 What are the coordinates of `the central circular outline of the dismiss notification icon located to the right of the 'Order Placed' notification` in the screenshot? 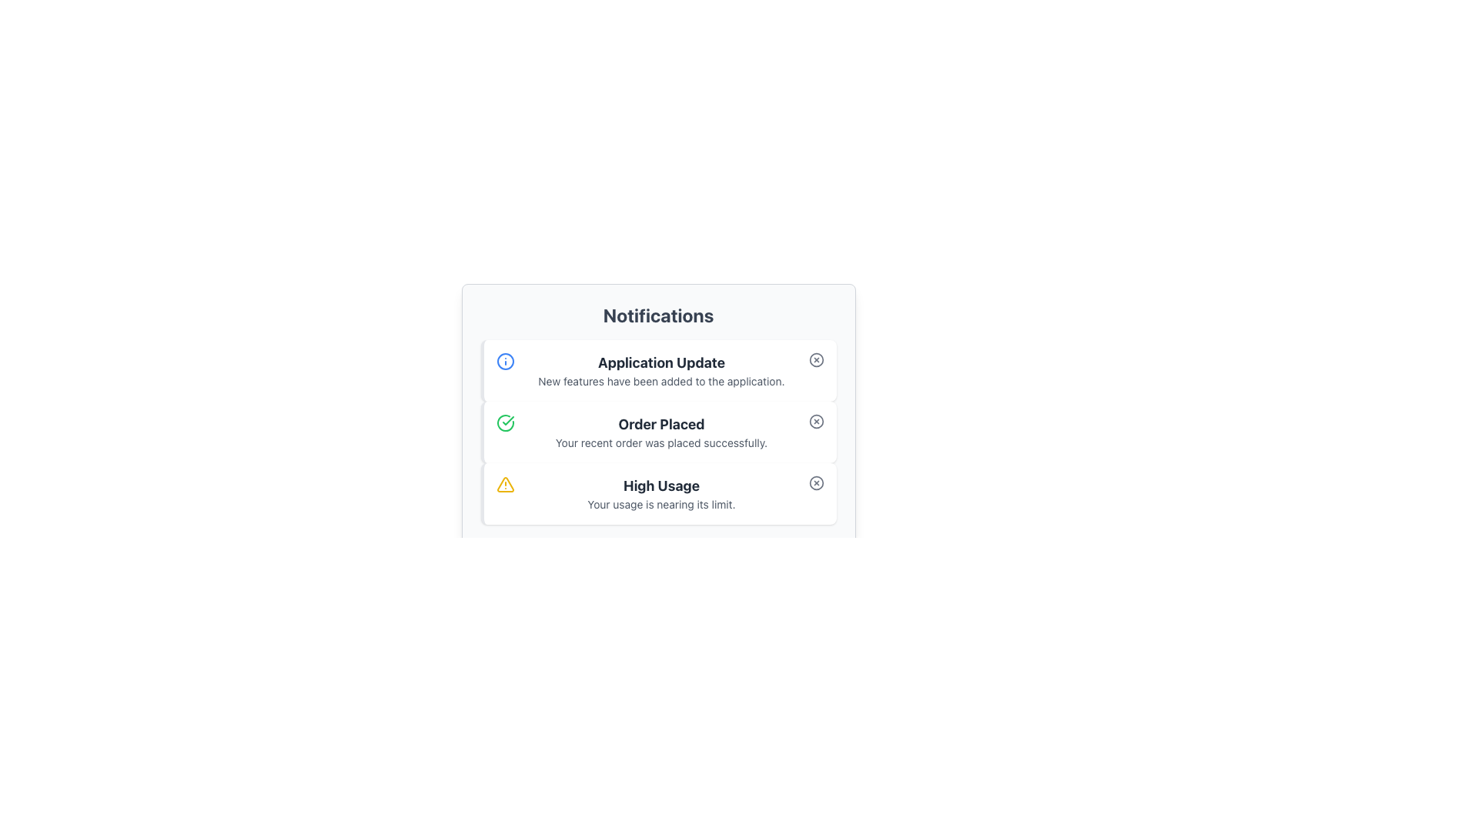 It's located at (815, 421).